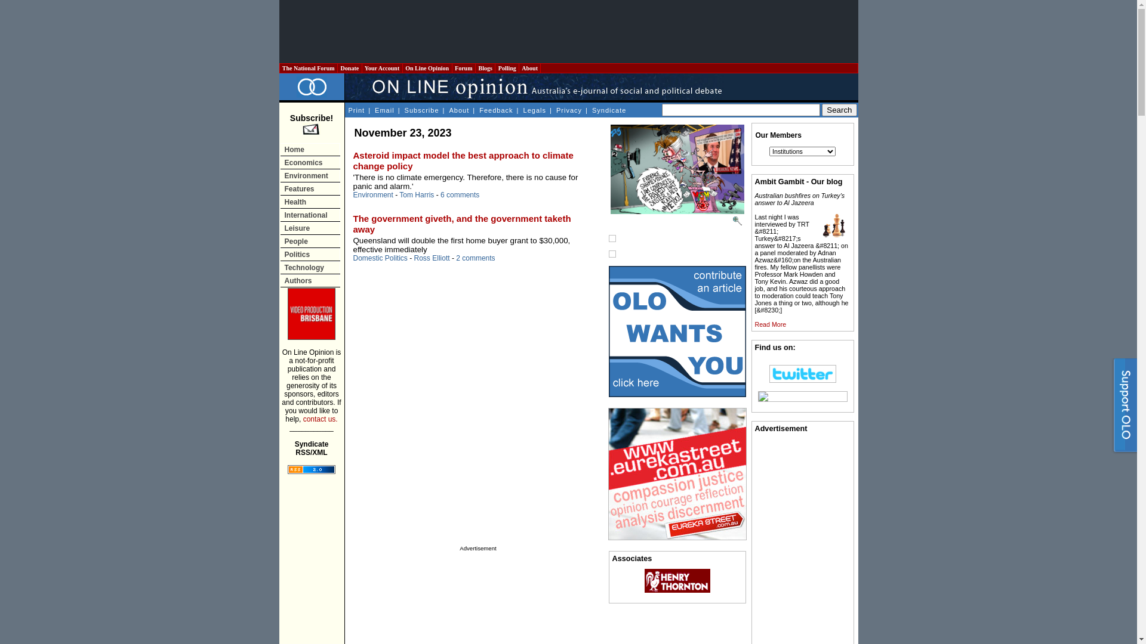 The width and height of the screenshot is (1146, 644). Describe the element at coordinates (403, 110) in the screenshot. I see `'Subscribe'` at that location.